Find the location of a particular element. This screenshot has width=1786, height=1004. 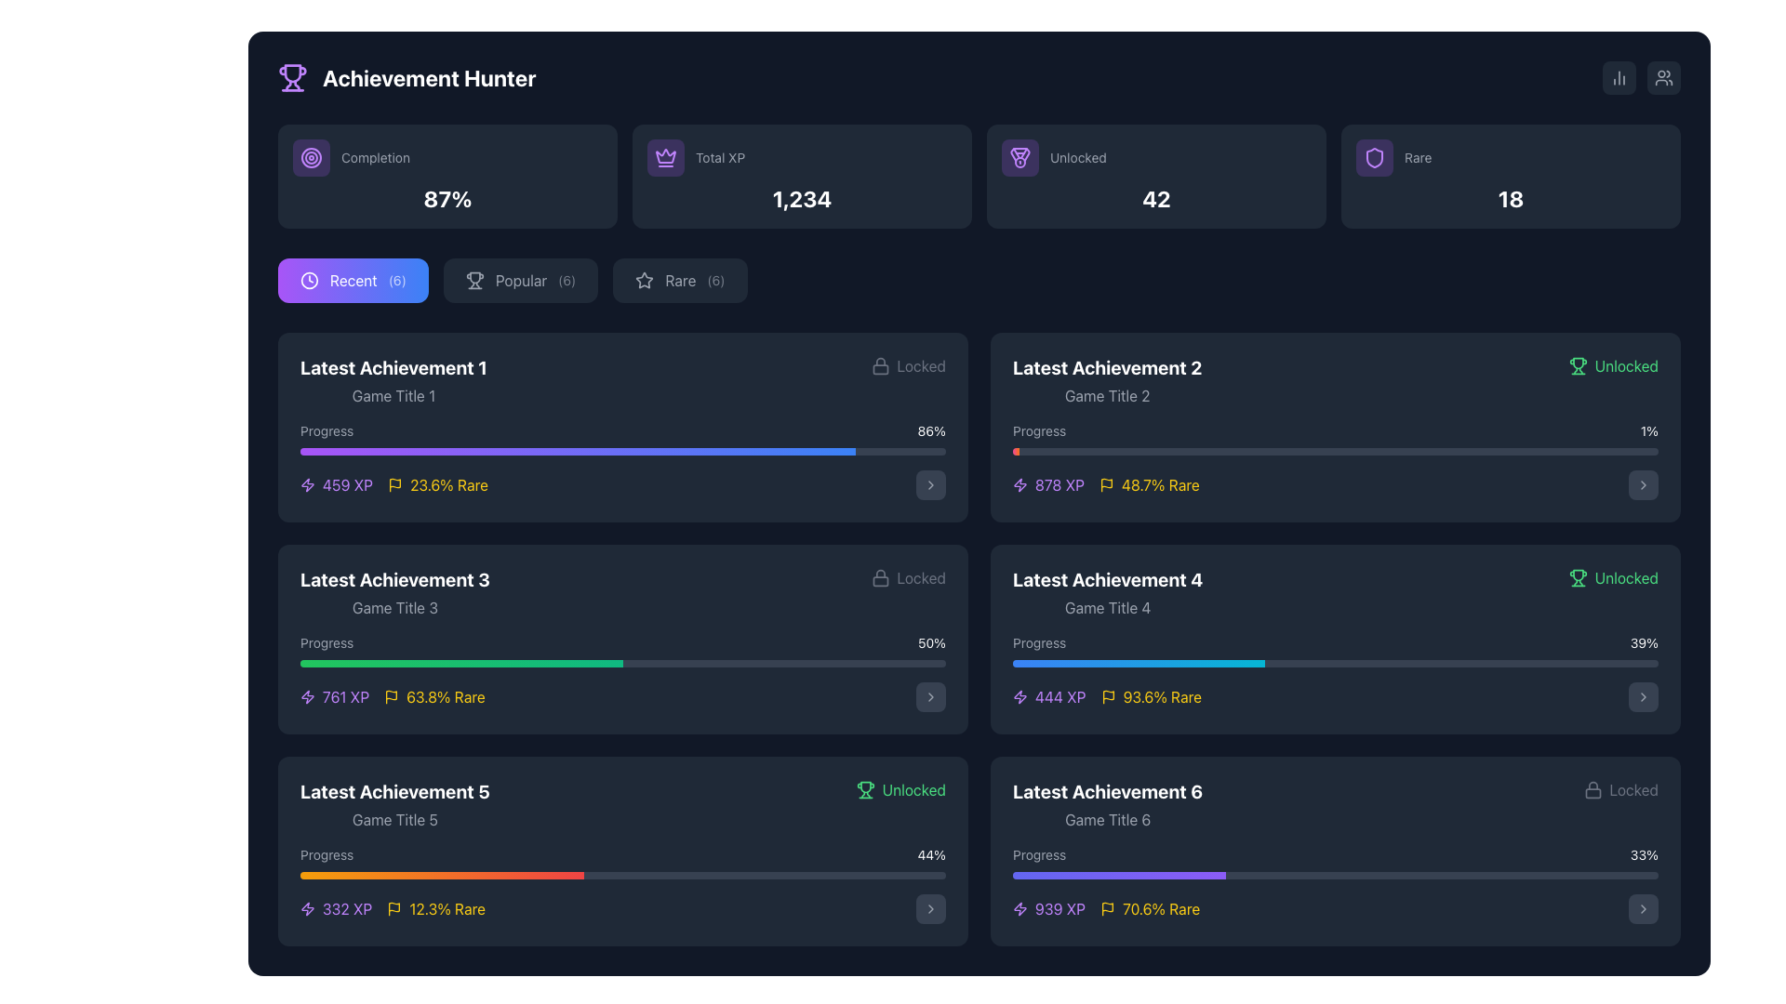

the static text label displaying 'Unlocked' in green, which is positioned adjacent to a trophy icon in the lower right card associated with 'Latest Achievement 4' is located at coordinates (1625, 576).